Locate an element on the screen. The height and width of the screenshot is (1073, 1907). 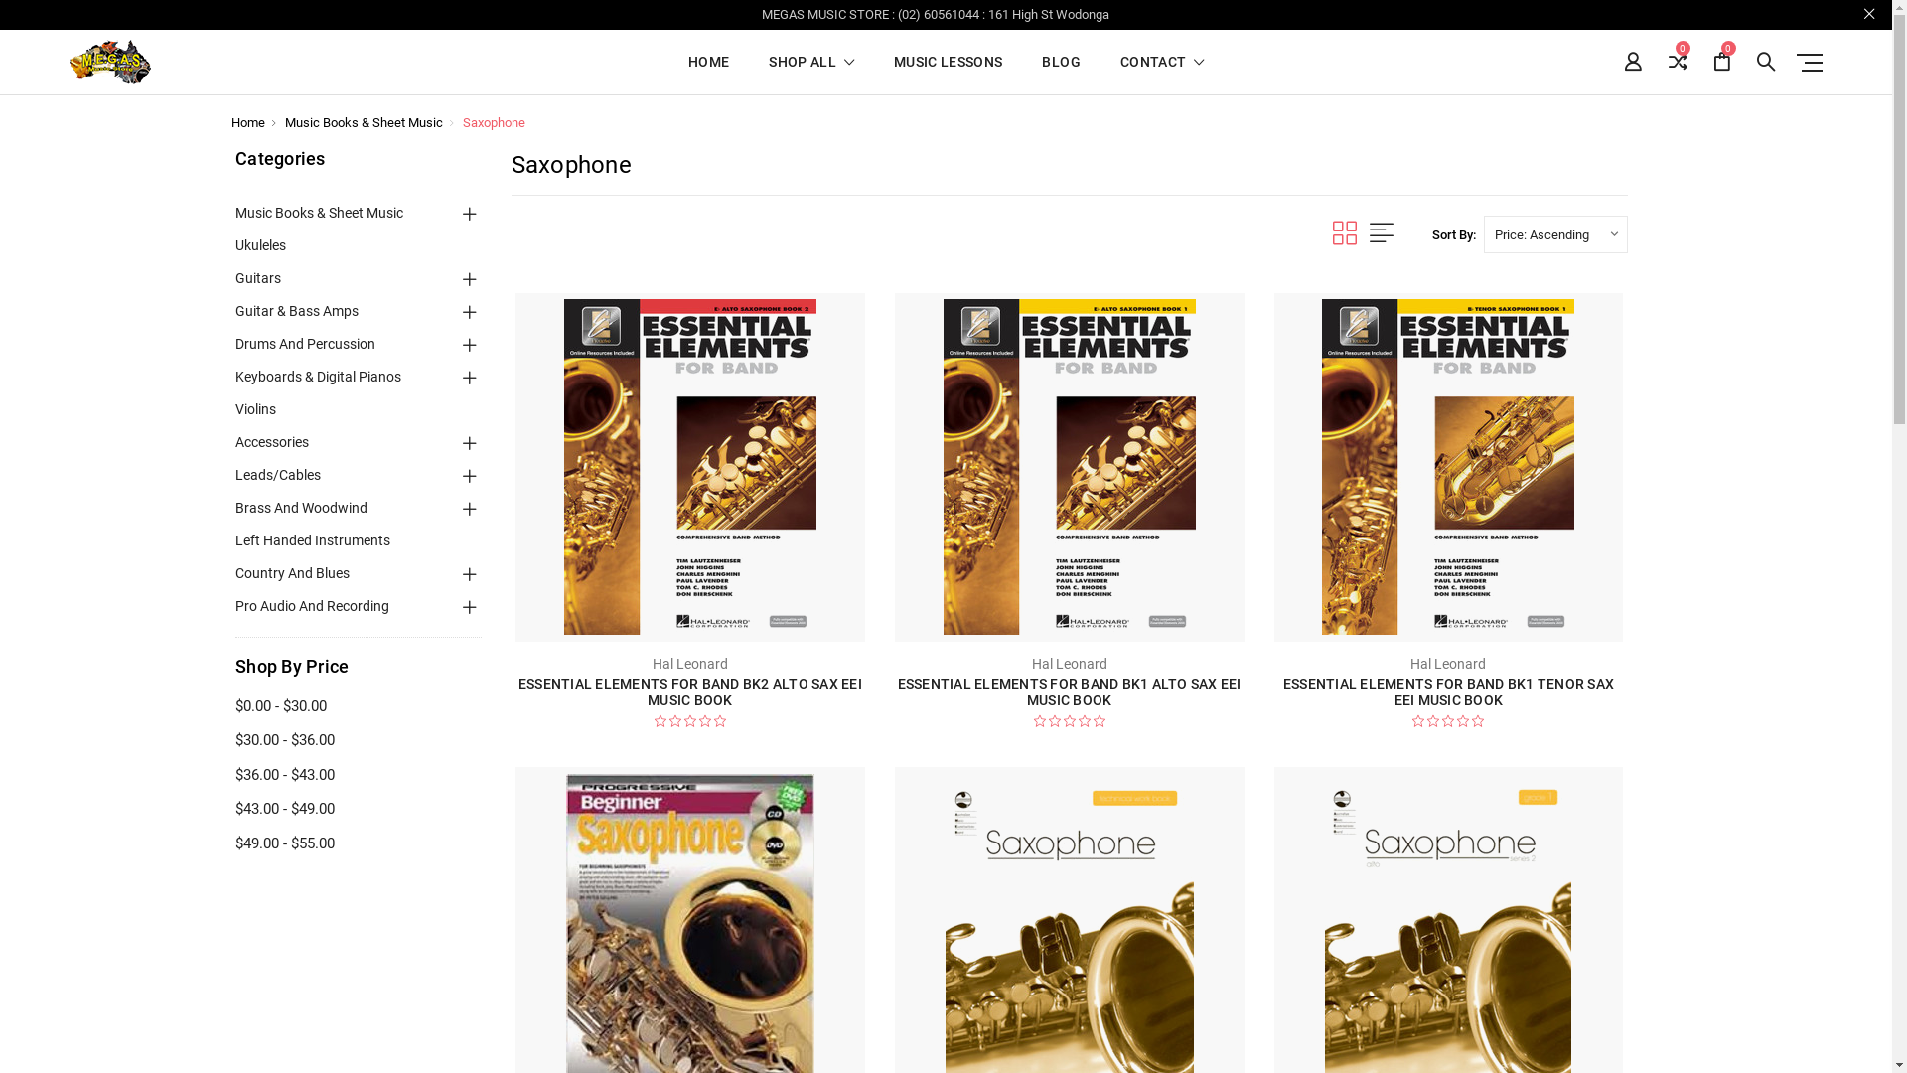
'BLOG' is located at coordinates (1060, 73).